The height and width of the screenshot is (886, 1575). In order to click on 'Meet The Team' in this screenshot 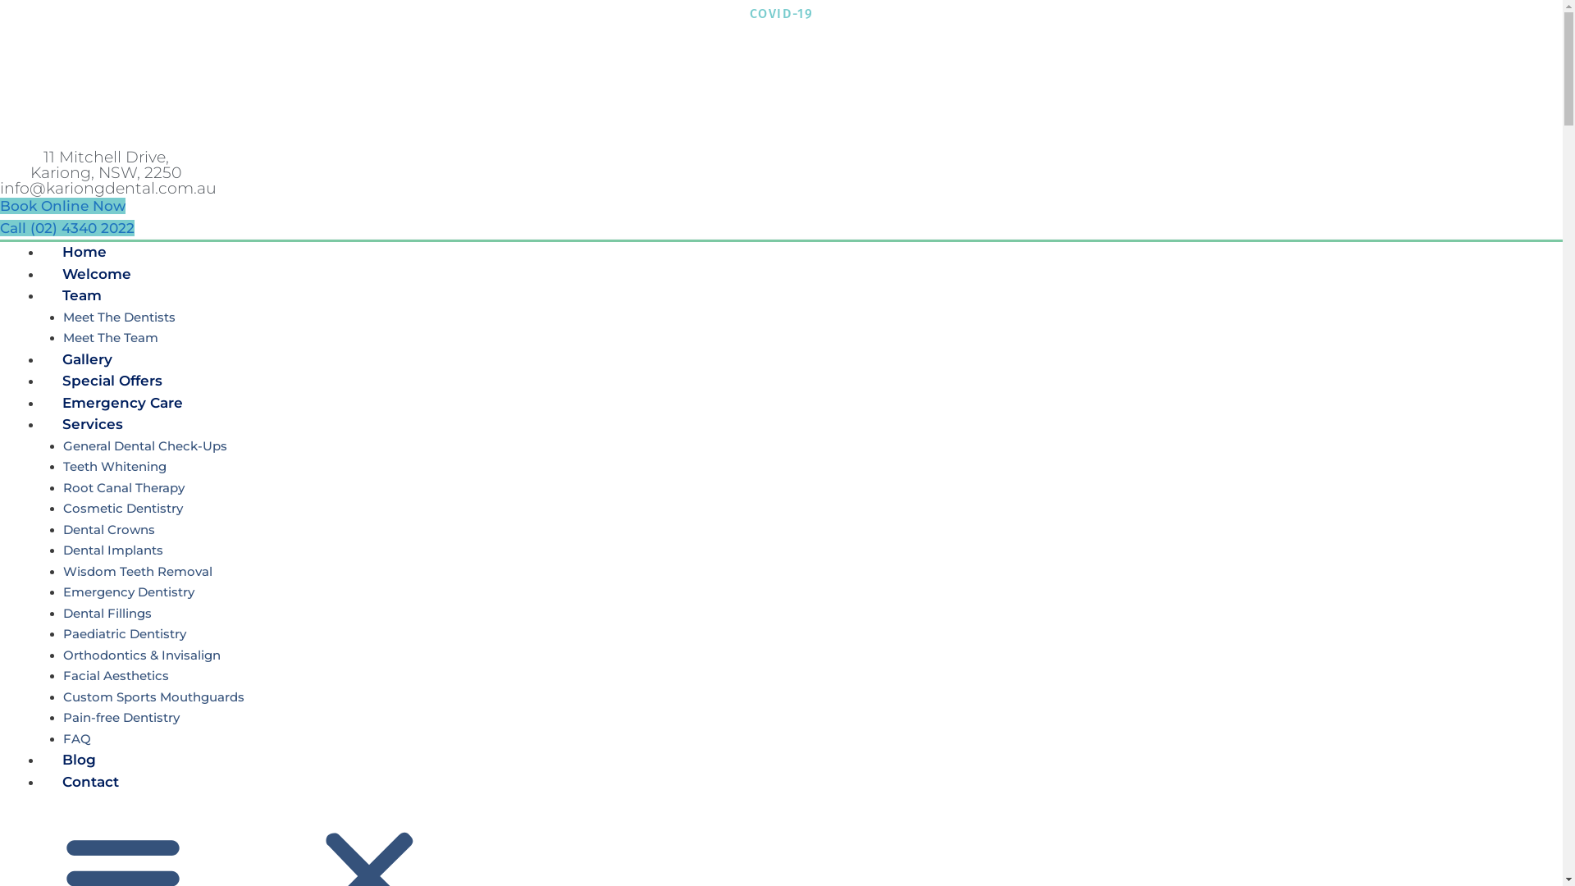, I will do `click(109, 336)`.